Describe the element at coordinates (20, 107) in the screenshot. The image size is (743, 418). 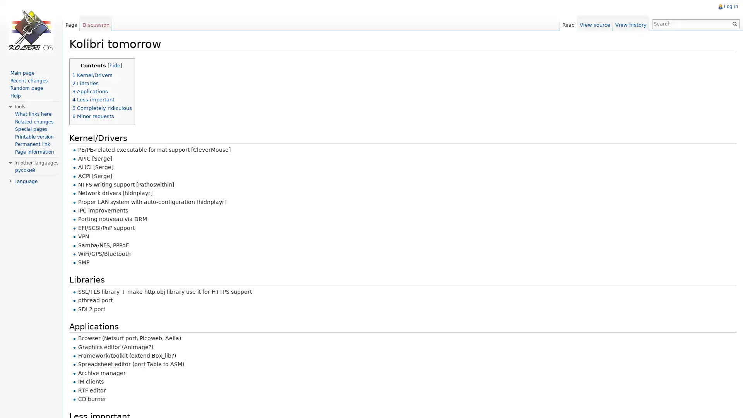
I see `Tools` at that location.